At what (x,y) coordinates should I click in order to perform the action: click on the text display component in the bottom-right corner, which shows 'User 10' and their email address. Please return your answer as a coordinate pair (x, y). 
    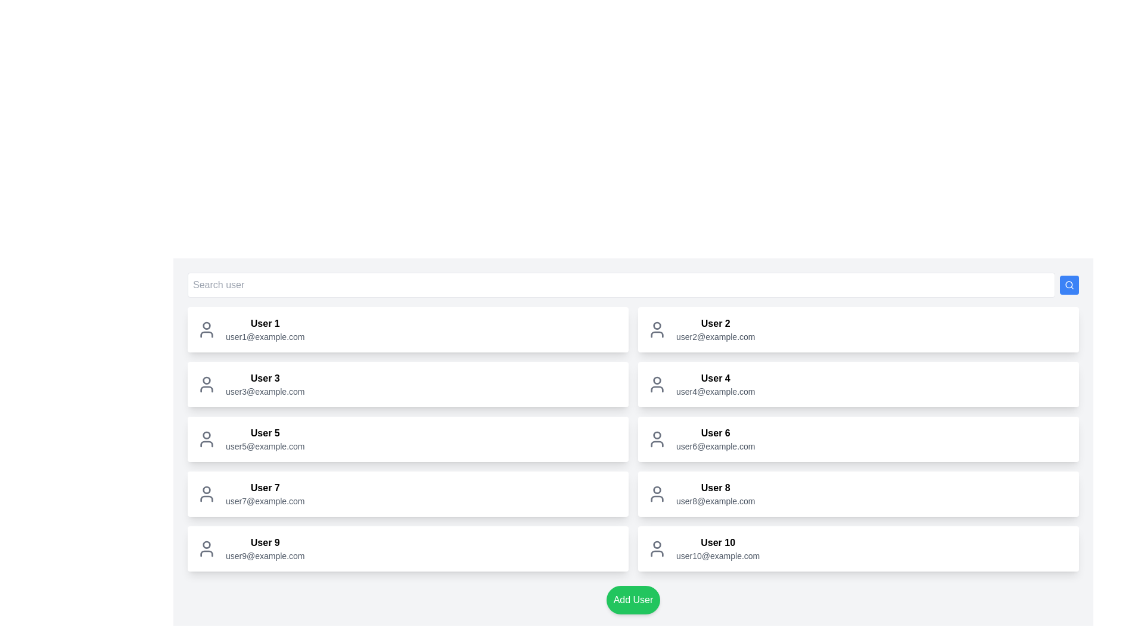
    Looking at the image, I should click on (717, 548).